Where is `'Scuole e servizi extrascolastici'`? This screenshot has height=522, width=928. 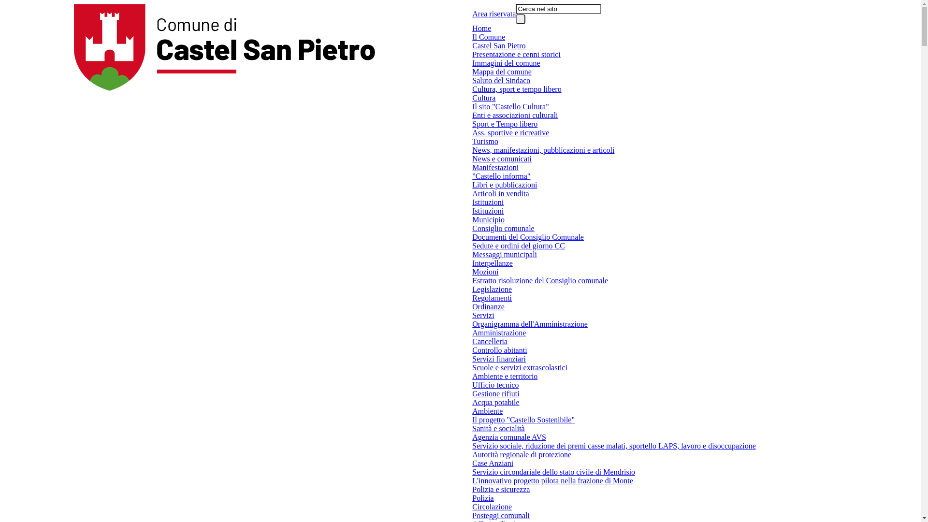 'Scuole e servizi extrascolastici' is located at coordinates (519, 367).